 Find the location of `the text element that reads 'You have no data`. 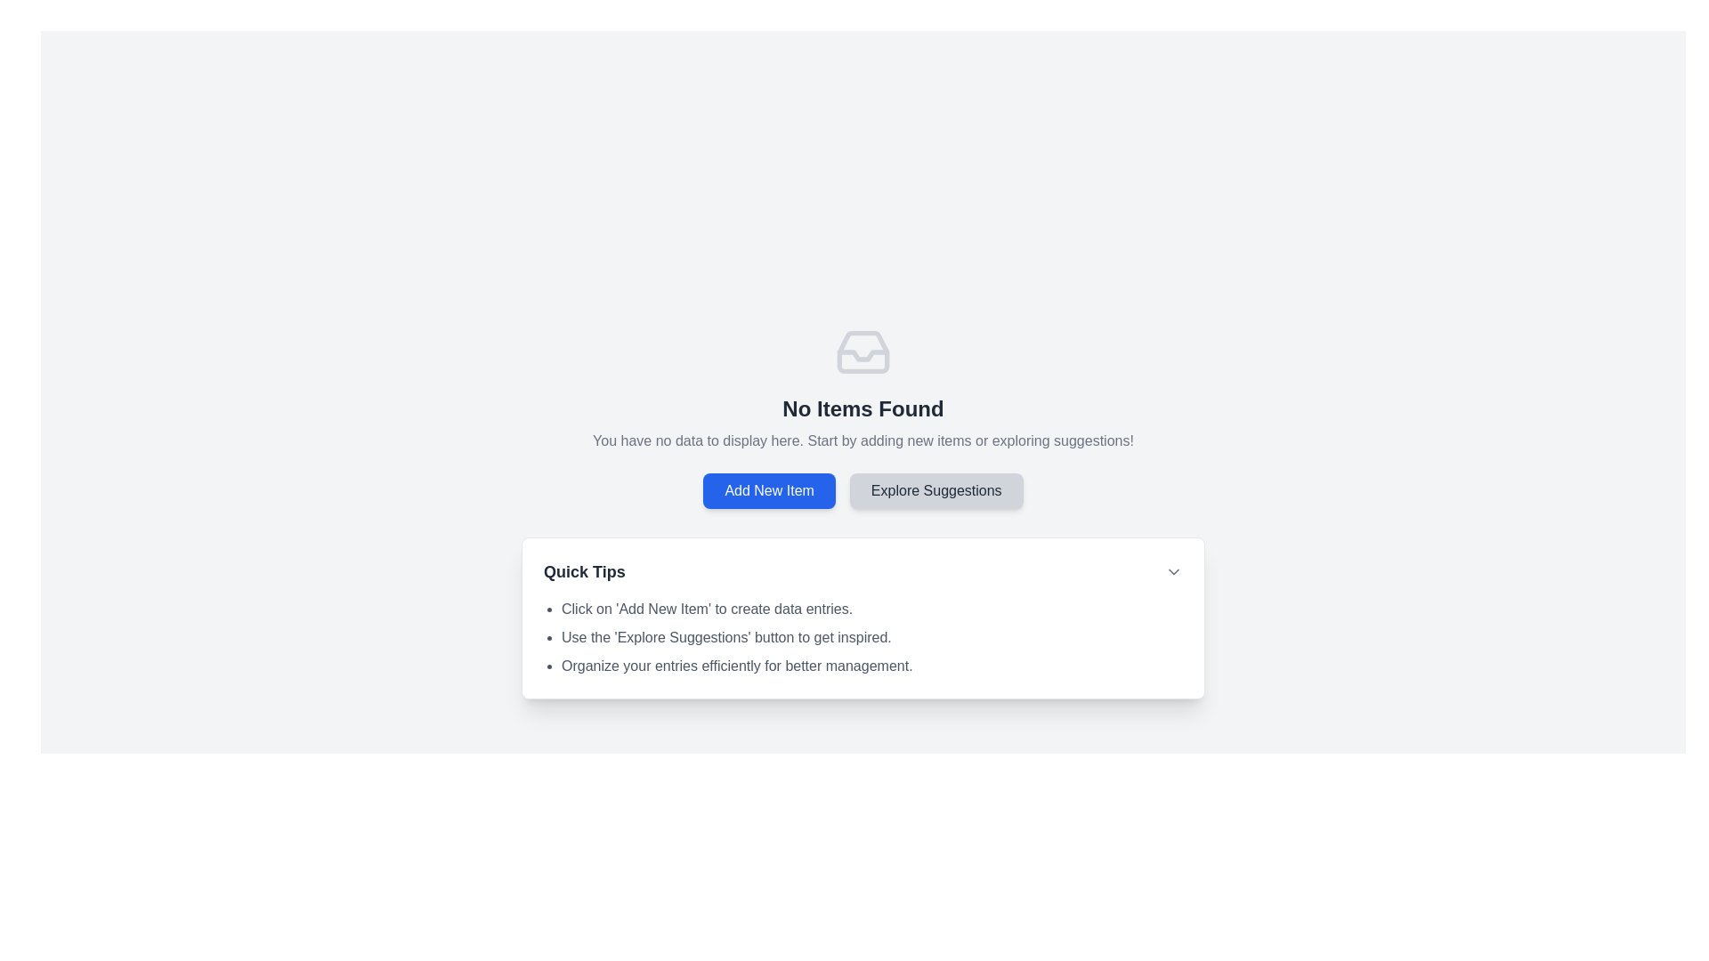

the text element that reads 'You have no data is located at coordinates (863, 440).